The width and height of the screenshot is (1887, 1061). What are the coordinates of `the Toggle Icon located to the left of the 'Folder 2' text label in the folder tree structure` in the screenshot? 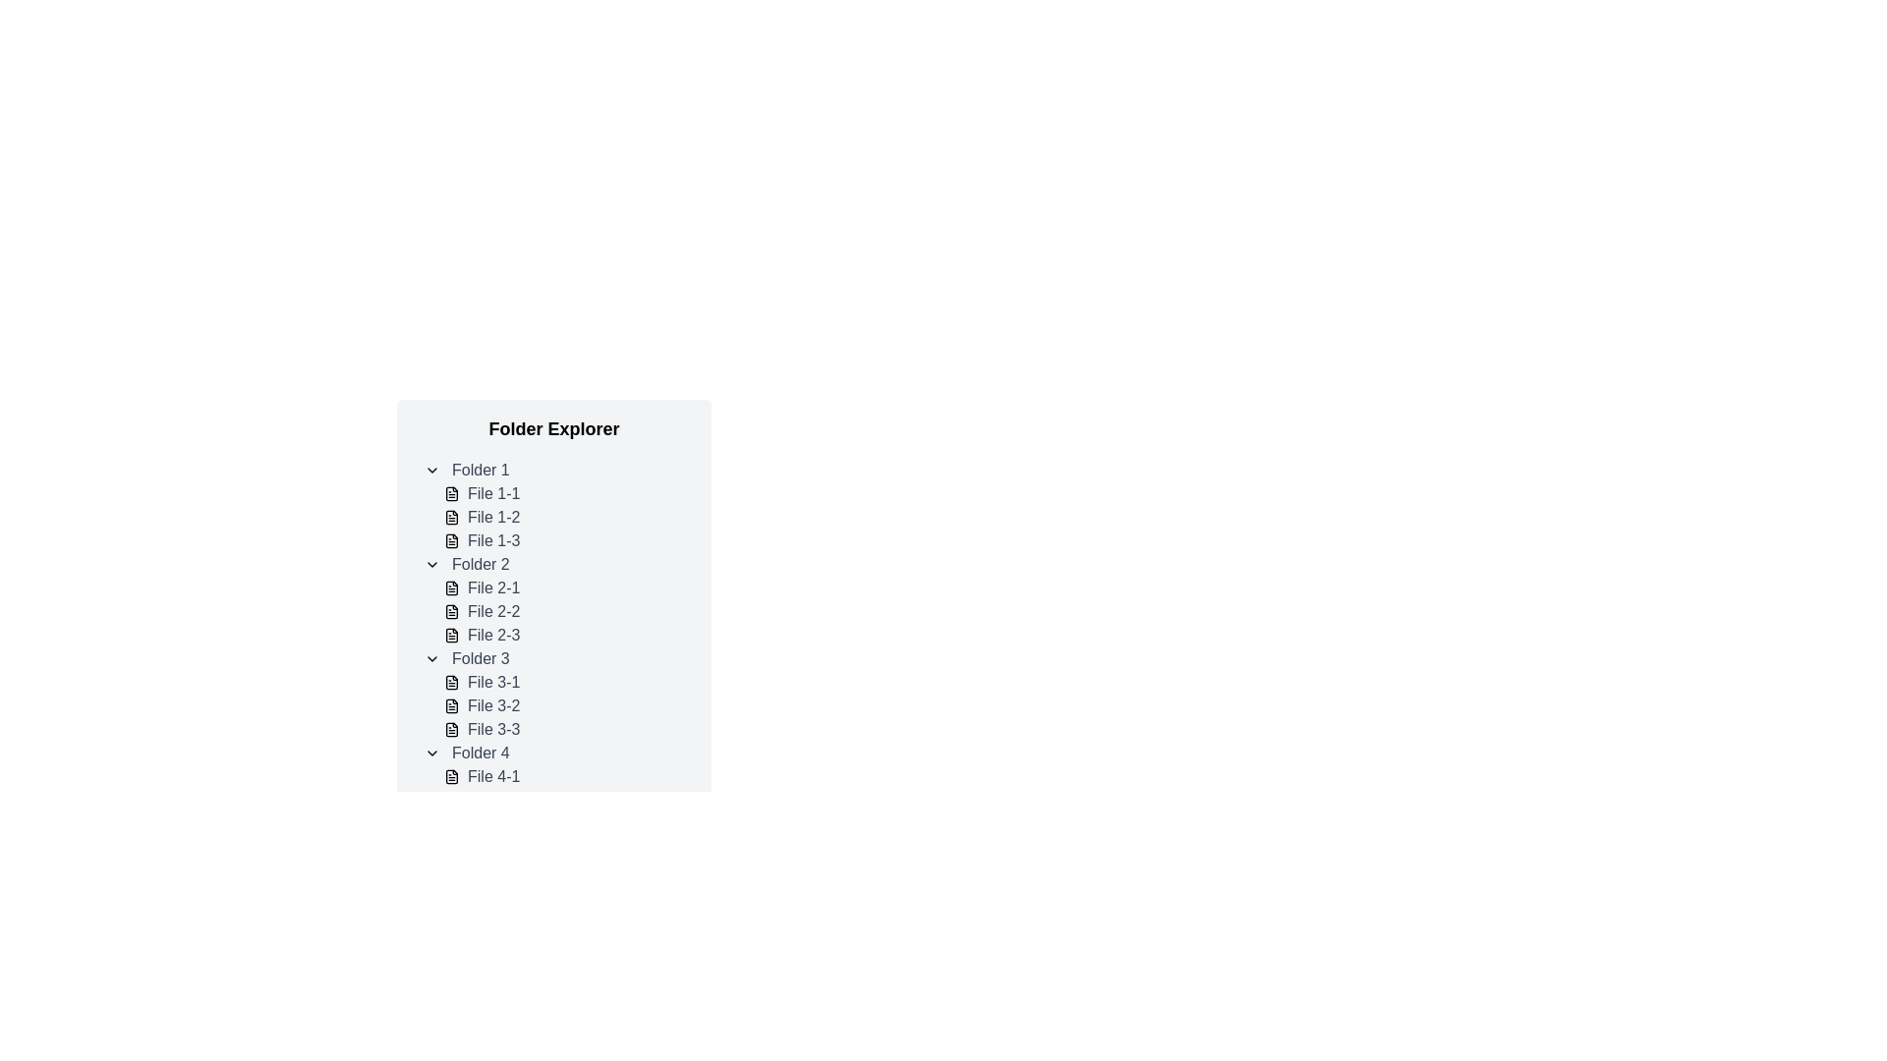 It's located at (431, 564).